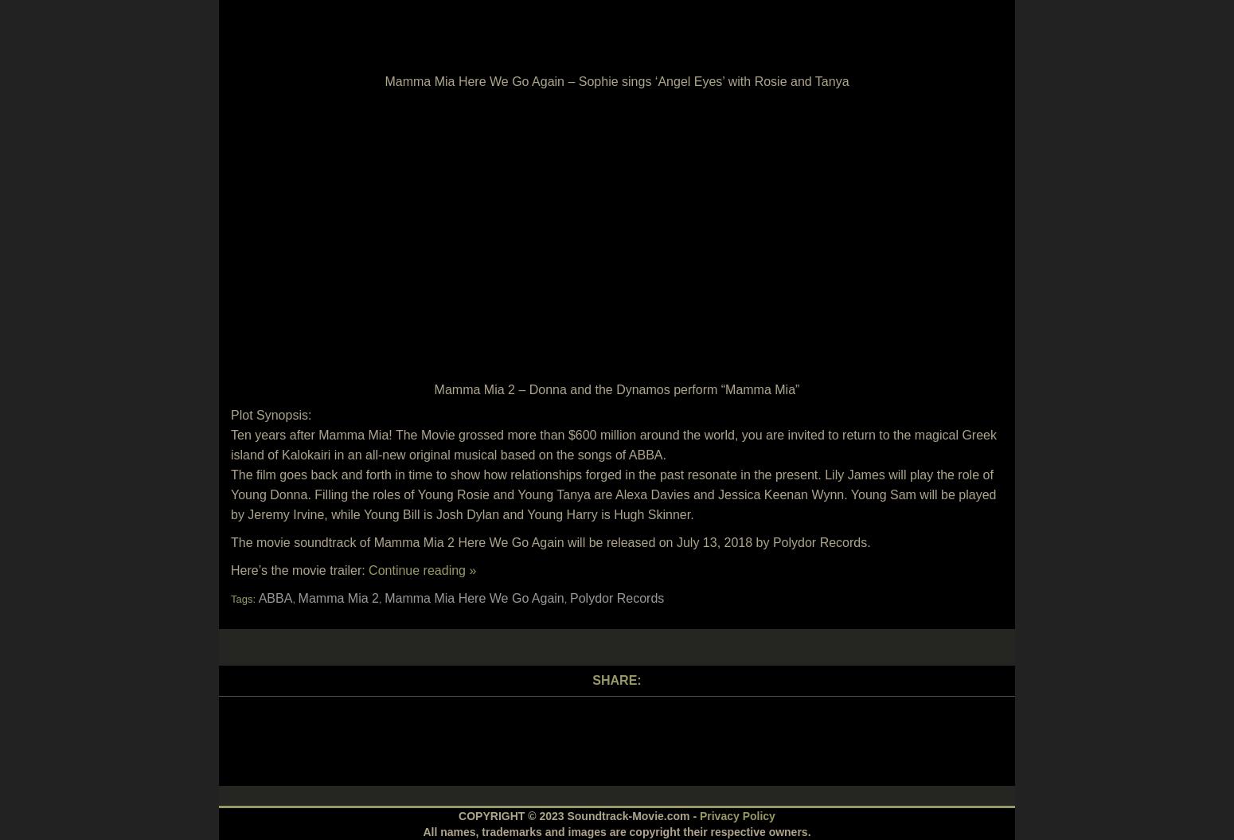 This screenshot has width=1234, height=840. What do you see at coordinates (270, 415) in the screenshot?
I see `'Plot Synopsis:'` at bounding box center [270, 415].